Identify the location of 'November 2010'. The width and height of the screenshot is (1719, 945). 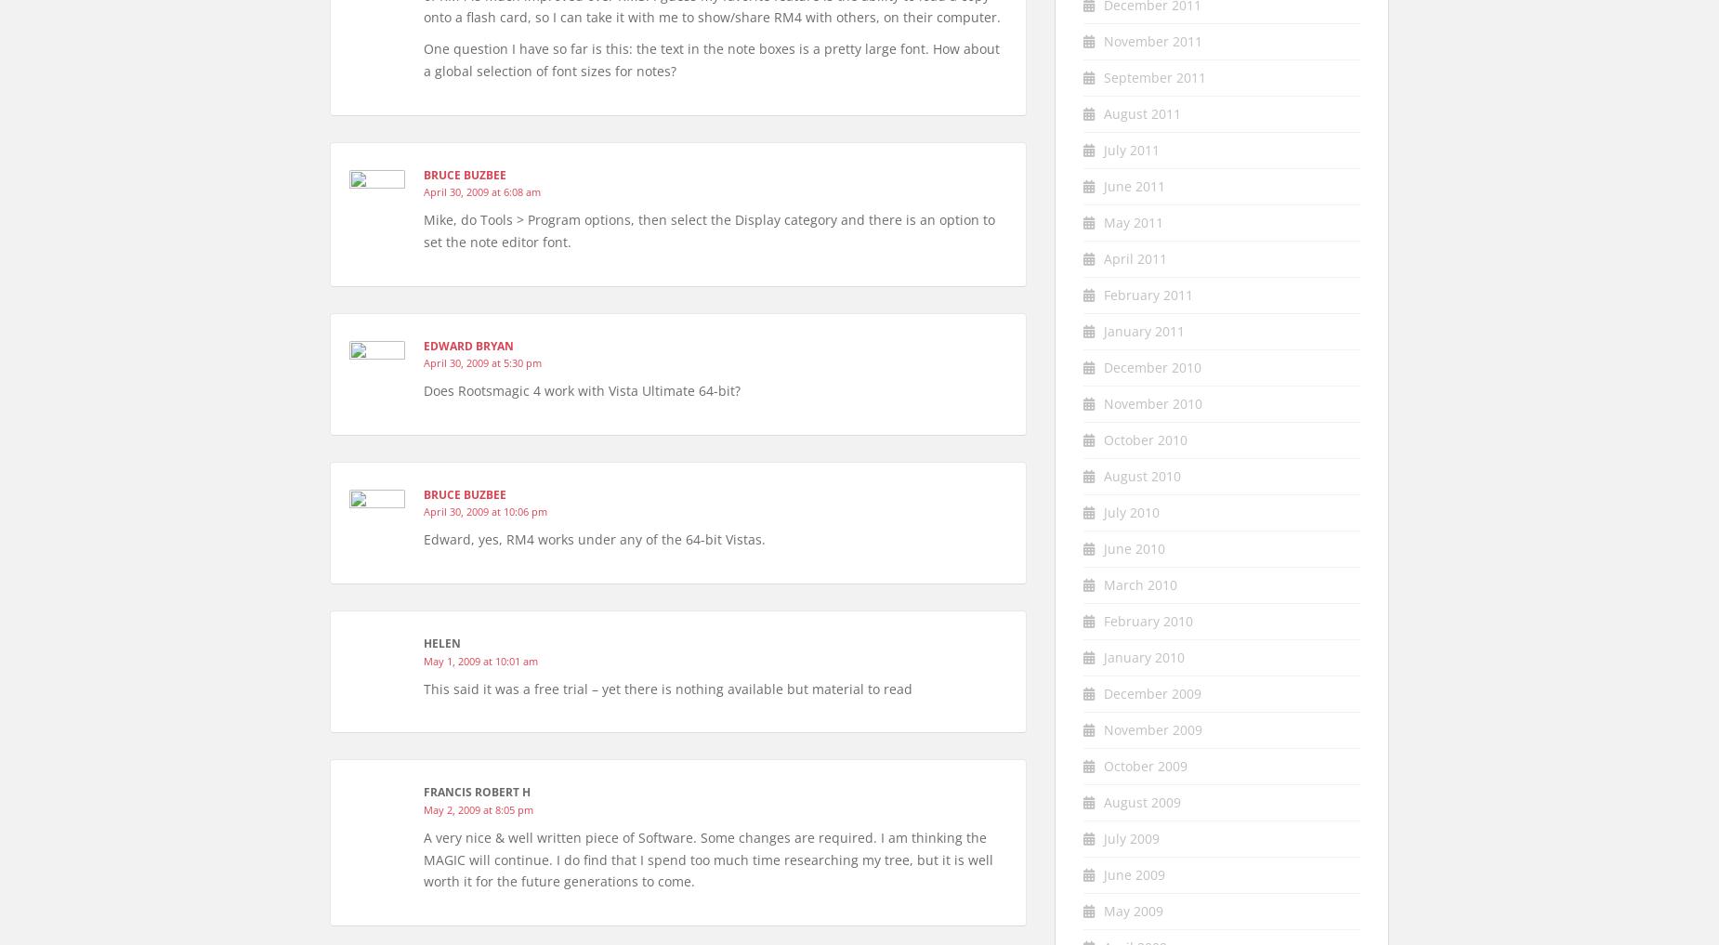
(1151, 402).